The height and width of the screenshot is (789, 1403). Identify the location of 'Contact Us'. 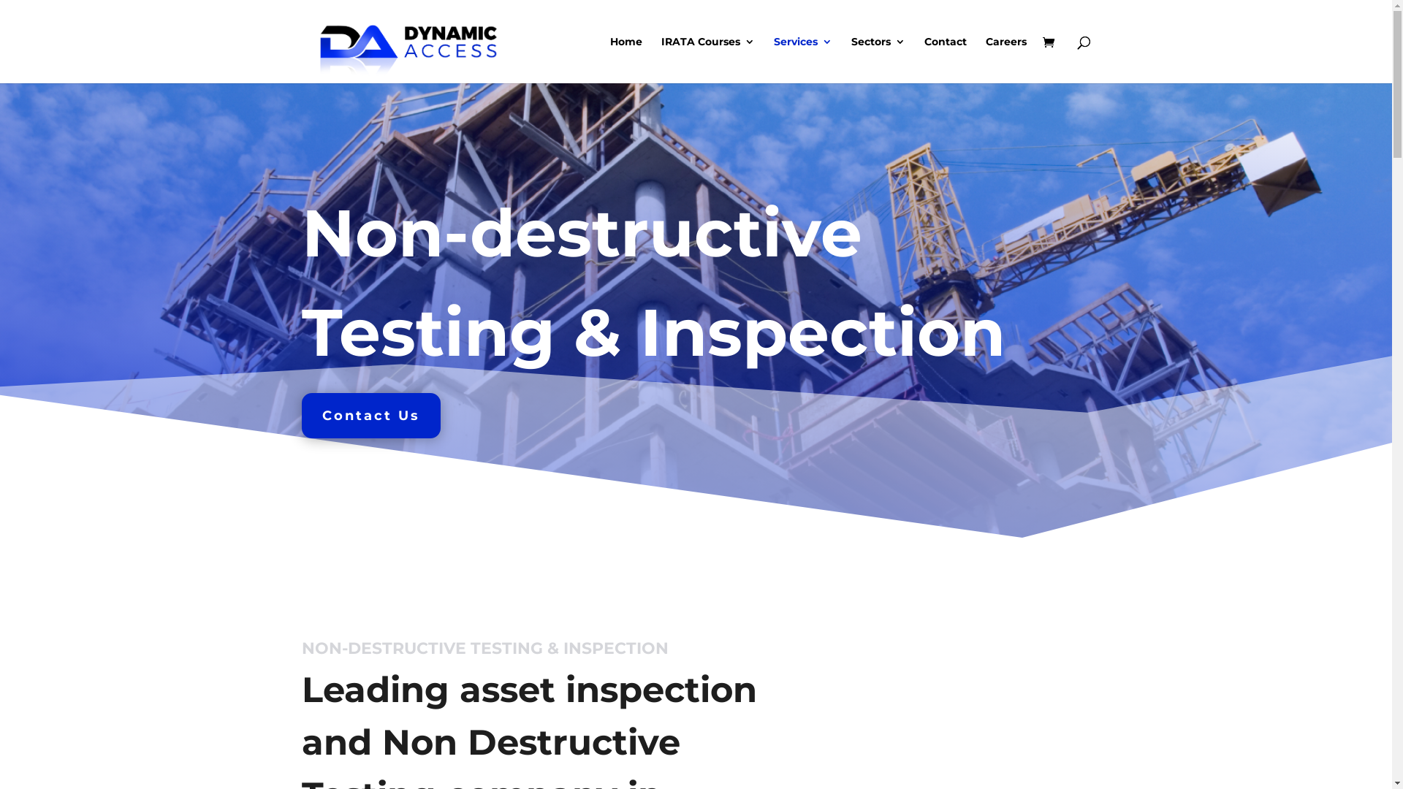
(300, 415).